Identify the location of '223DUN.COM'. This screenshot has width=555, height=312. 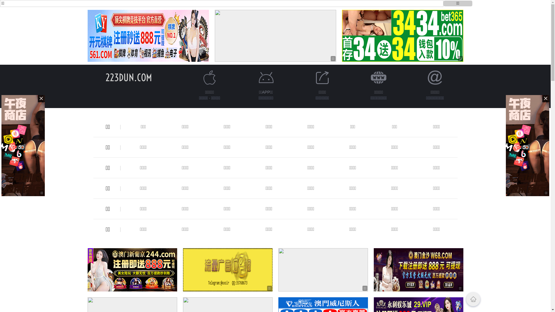
(128, 77).